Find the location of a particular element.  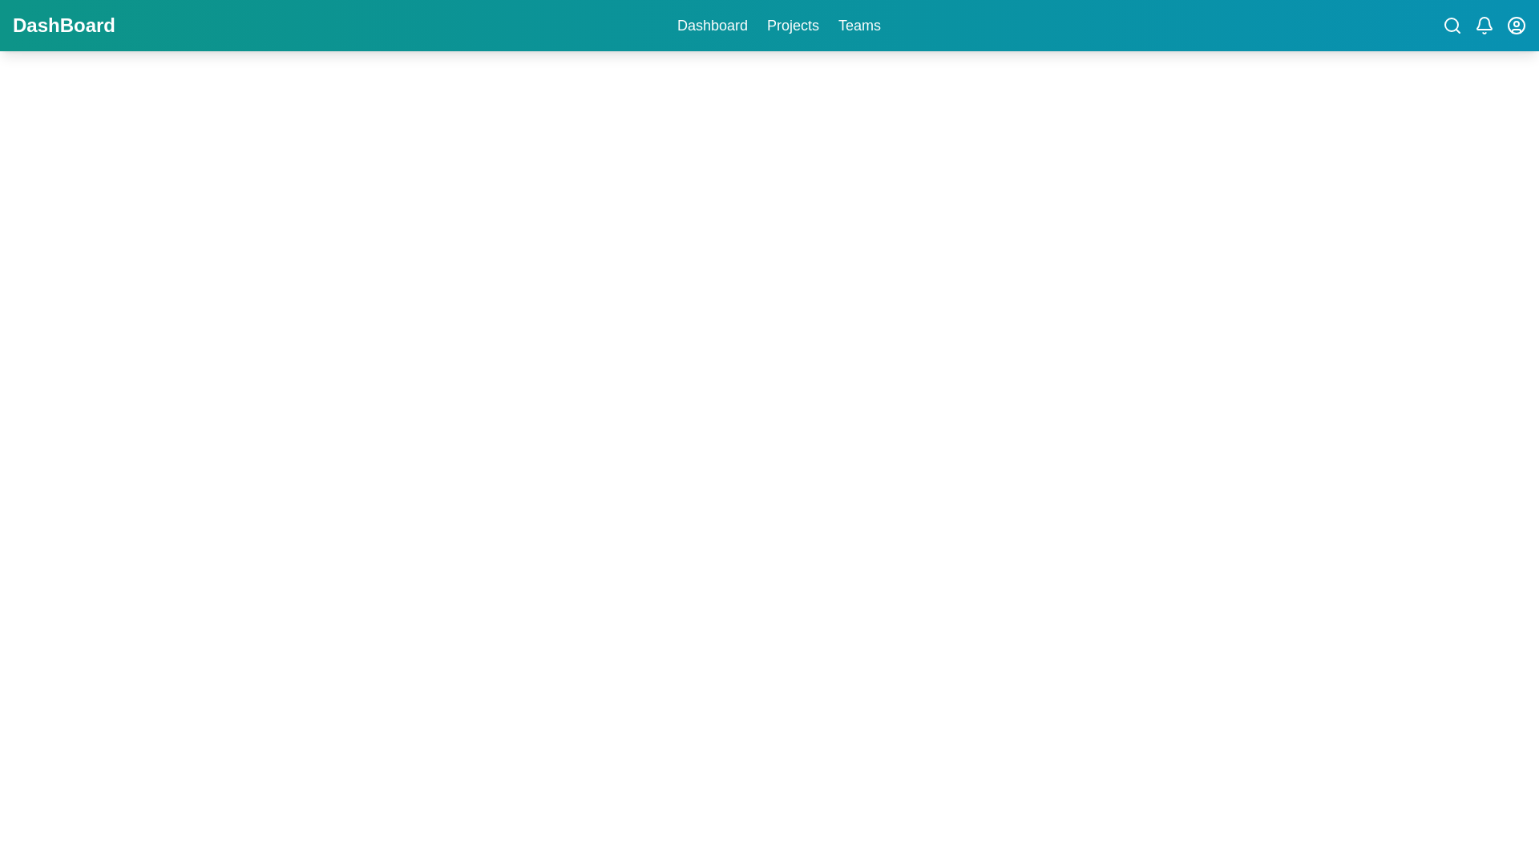

the 'Projects' text link button in the navigation menu to change its color to lighter gray is located at coordinates (793, 25).